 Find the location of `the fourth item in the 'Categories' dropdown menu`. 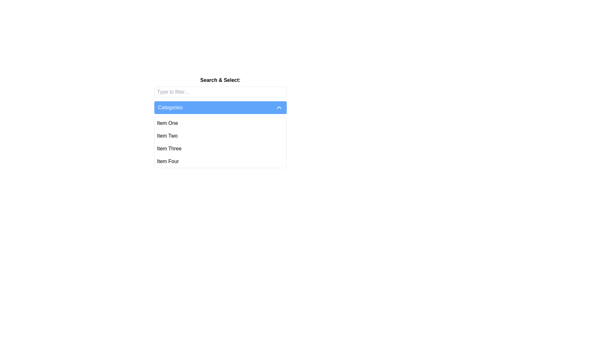

the fourth item in the 'Categories' dropdown menu is located at coordinates (168, 161).